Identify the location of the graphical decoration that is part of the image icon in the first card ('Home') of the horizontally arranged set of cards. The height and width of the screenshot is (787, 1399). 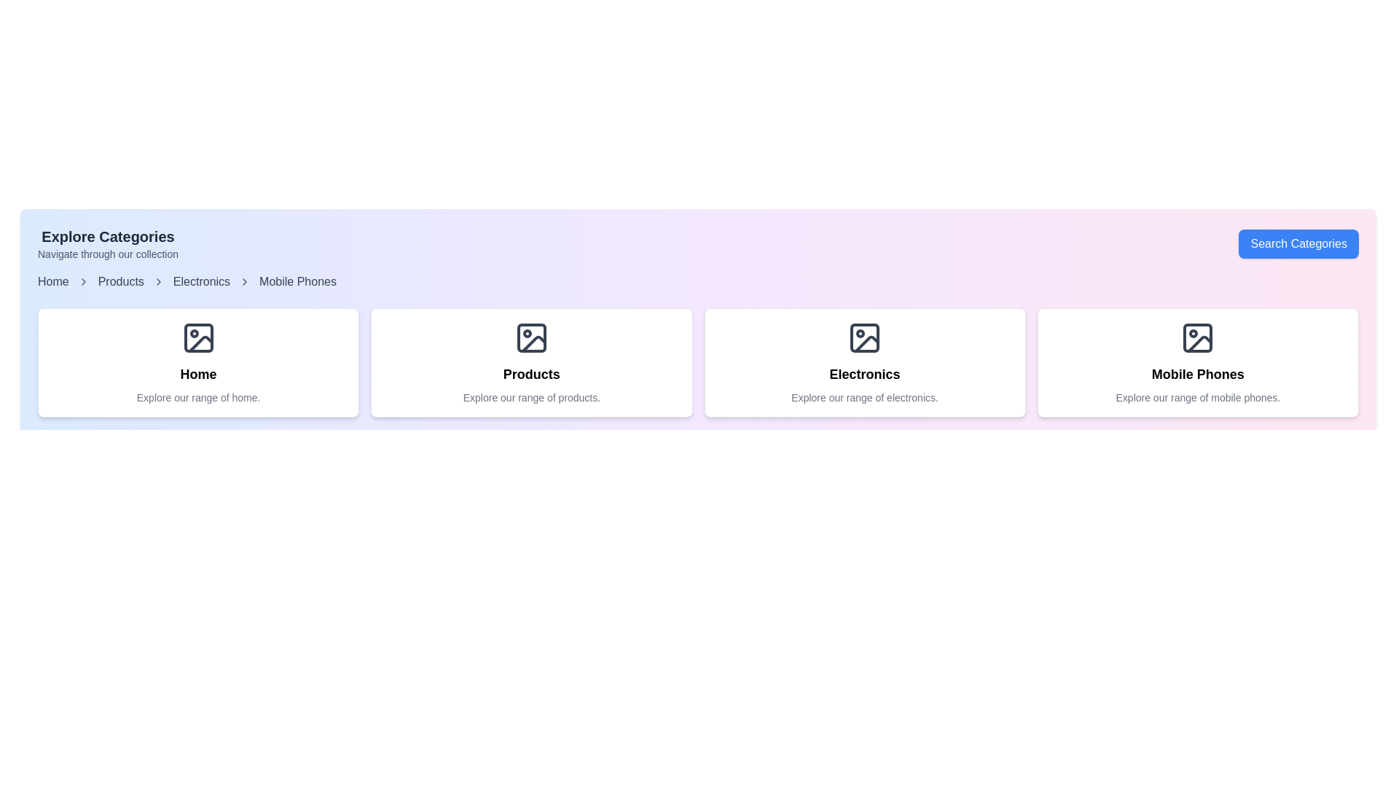
(197, 337).